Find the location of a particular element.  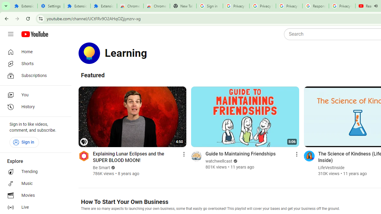

'Settings' is located at coordinates (51, 6).